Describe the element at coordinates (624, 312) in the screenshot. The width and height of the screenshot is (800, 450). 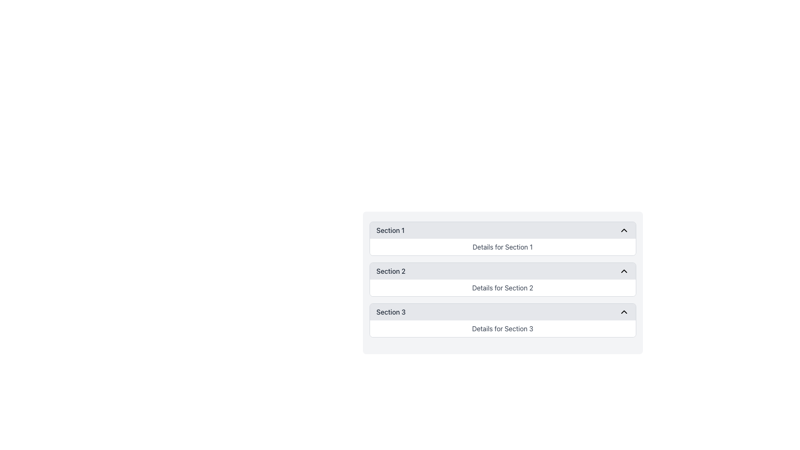
I see `the toggle icon located at the far-right side of the 'Section 3' header` at that location.